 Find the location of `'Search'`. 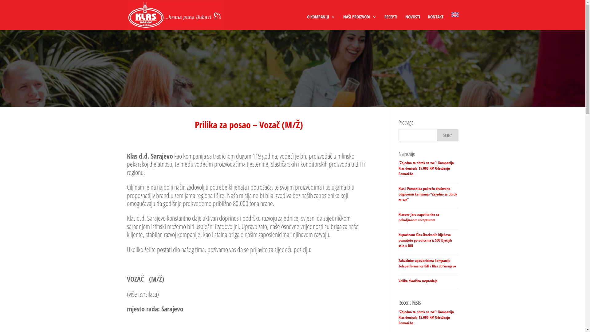

'Search' is located at coordinates (436, 135).